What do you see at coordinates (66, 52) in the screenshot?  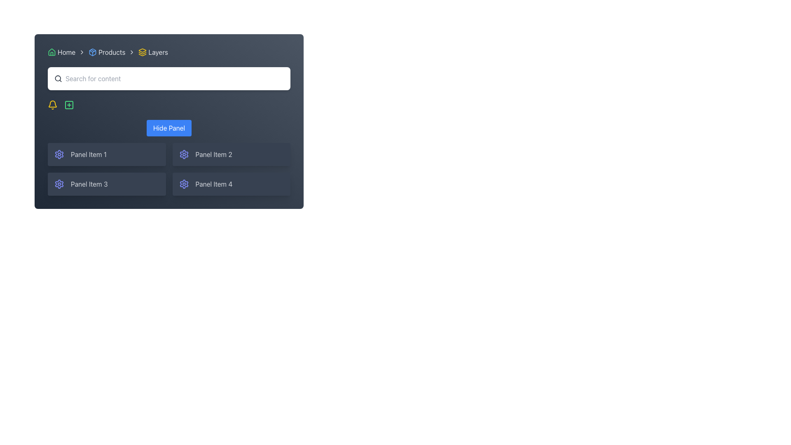 I see `the 'Home' text label in the breadcrumb navigation` at bounding box center [66, 52].